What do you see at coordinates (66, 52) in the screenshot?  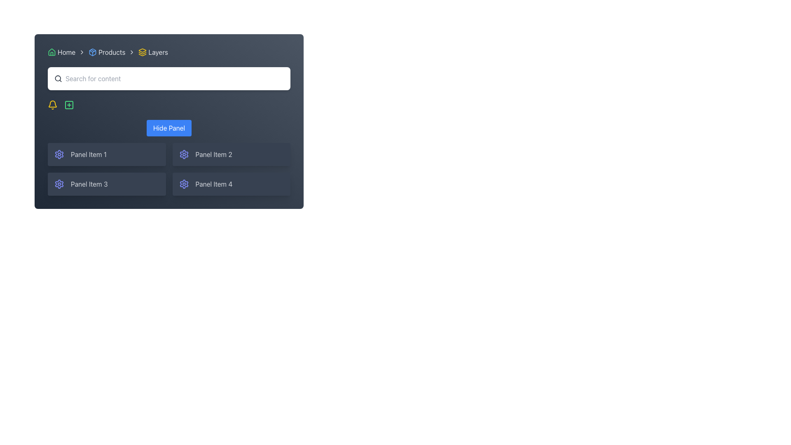 I see `the 'Home' text label in the breadcrumb navigation` at bounding box center [66, 52].